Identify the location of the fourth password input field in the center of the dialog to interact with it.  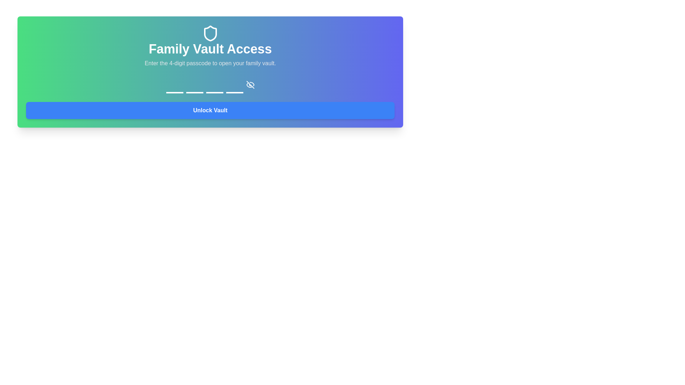
(234, 84).